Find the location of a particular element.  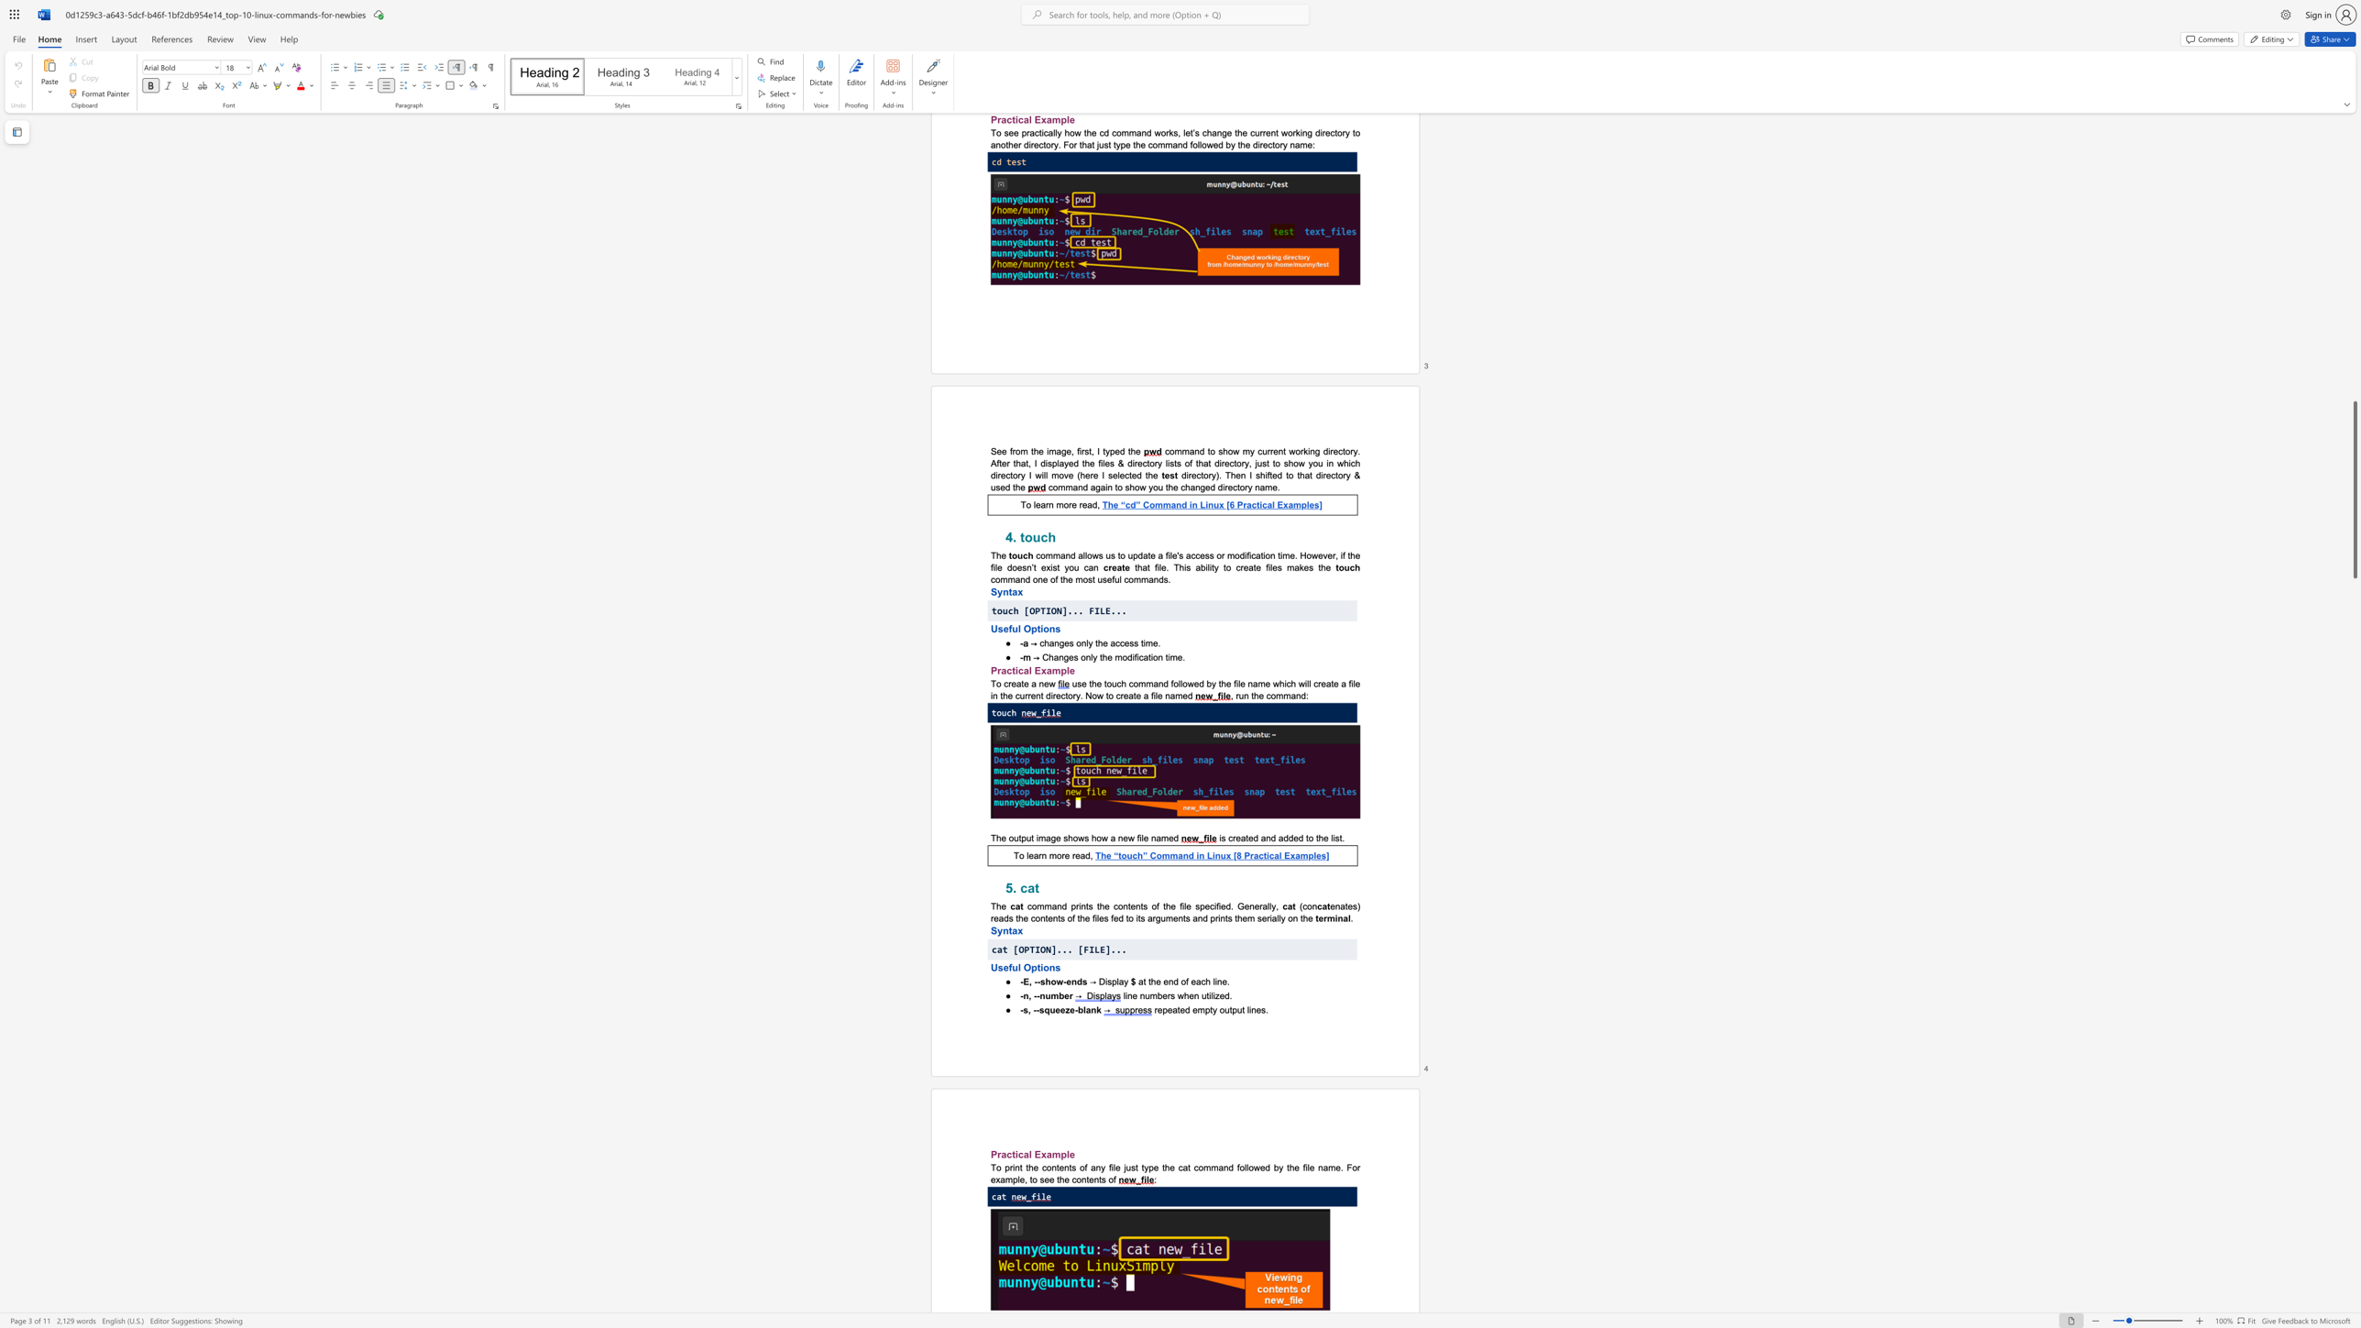

the 1th character "n" in the text is located at coordinates (1026, 996).